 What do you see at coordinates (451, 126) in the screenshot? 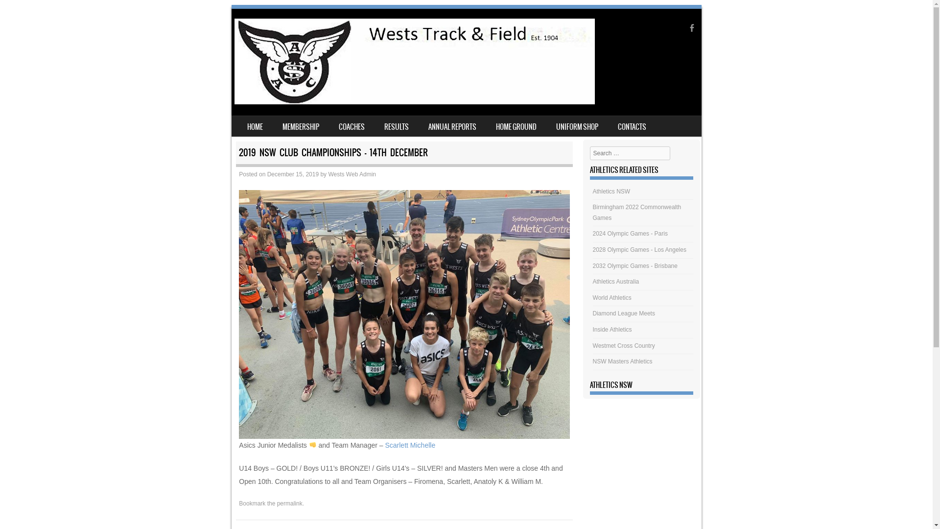
I see `'ANNUAL REPORTS'` at bounding box center [451, 126].